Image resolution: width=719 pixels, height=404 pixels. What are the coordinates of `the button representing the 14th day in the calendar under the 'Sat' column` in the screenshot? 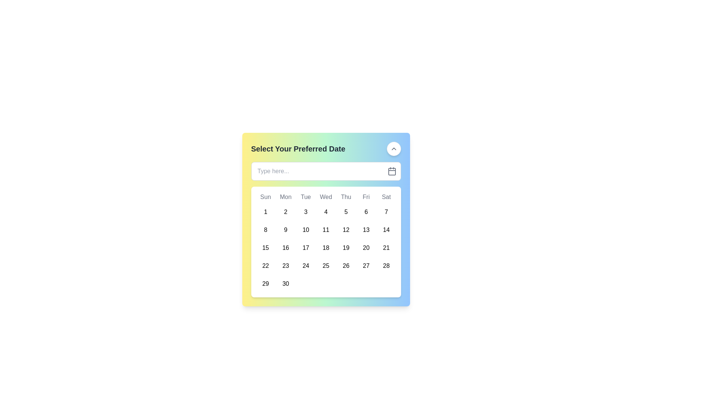 It's located at (386, 229).